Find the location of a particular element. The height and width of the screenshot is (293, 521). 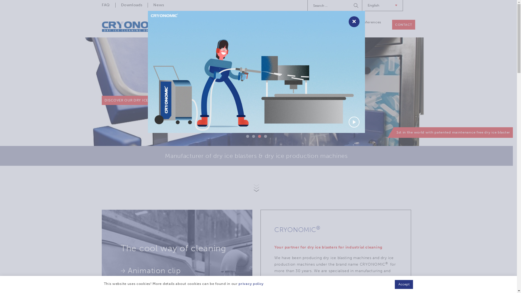

'Advantages' is located at coordinates (145, 284).